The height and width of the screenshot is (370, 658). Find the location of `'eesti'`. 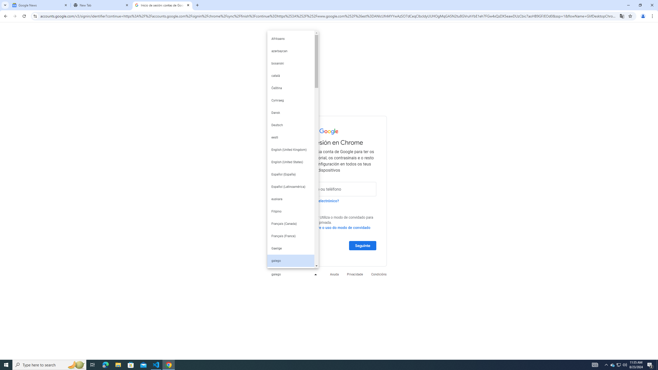

'eesti' is located at coordinates (290, 137).